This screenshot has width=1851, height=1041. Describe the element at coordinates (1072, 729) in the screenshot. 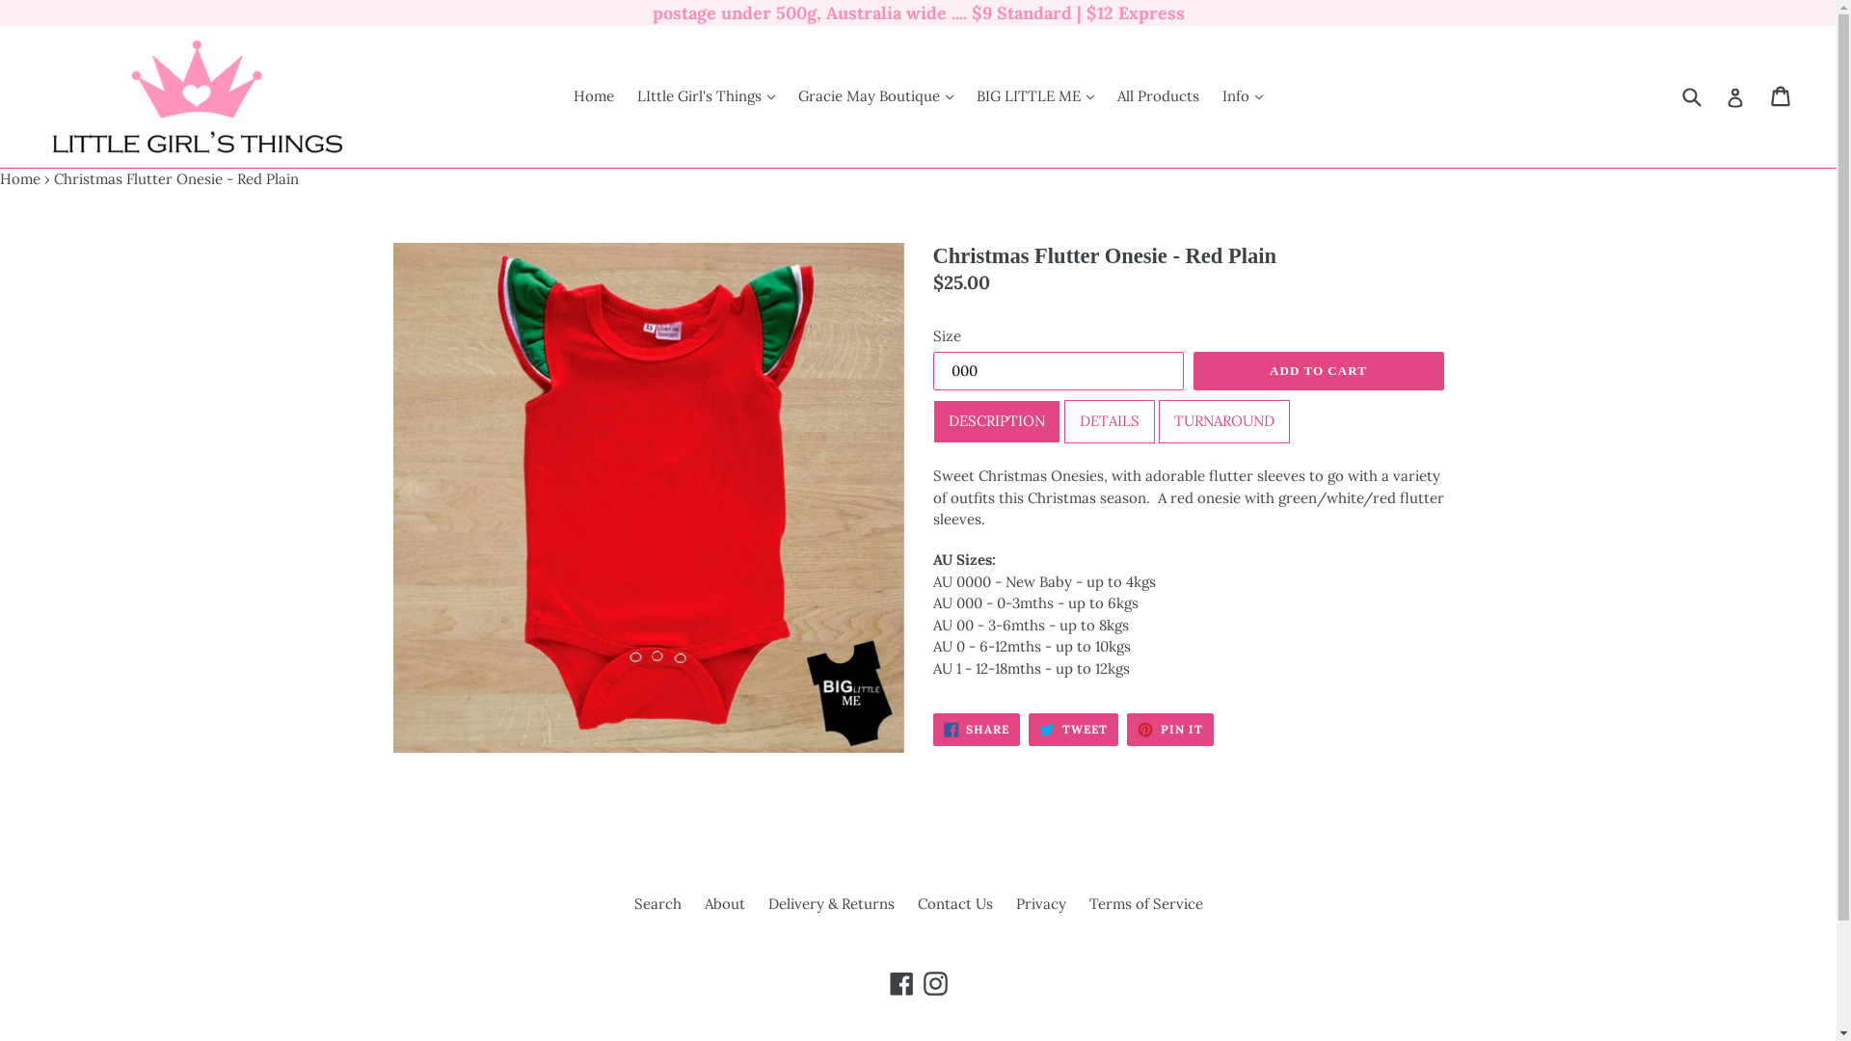

I see `'TWEET` at that location.